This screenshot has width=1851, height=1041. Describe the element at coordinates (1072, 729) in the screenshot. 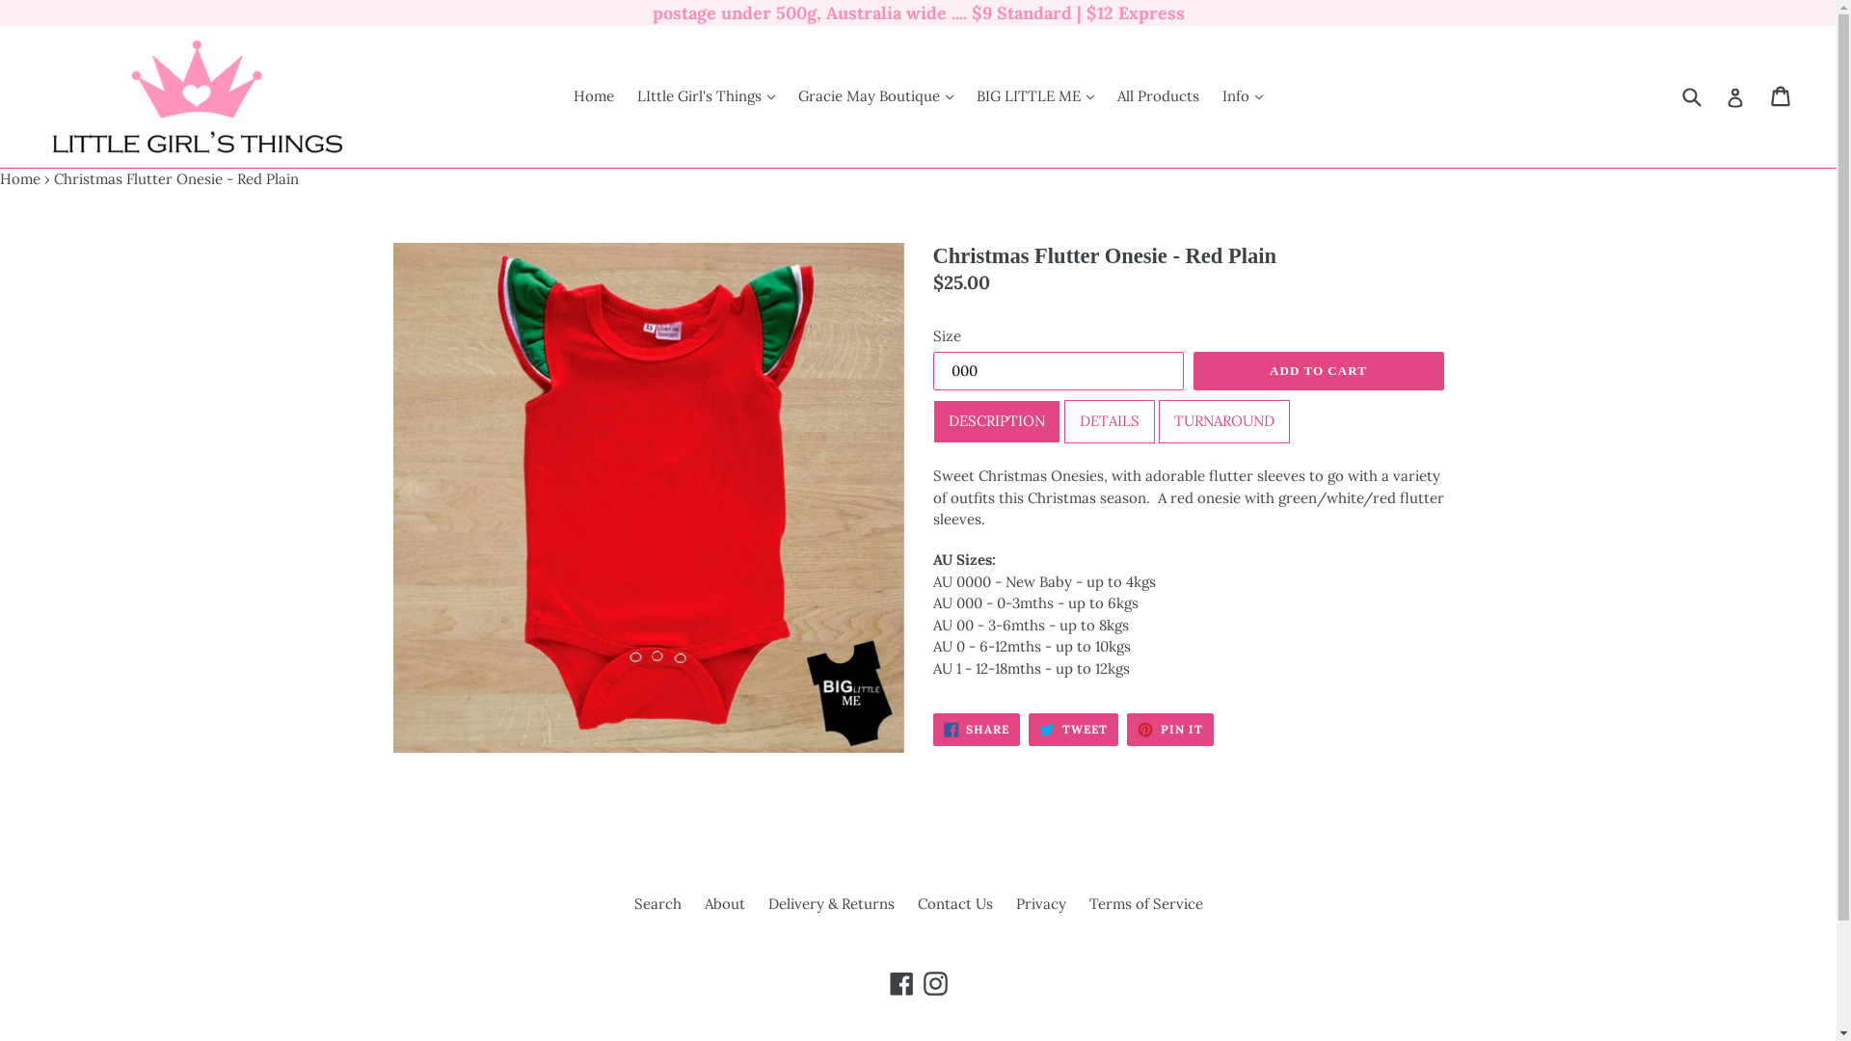

I see `'TWEET` at that location.